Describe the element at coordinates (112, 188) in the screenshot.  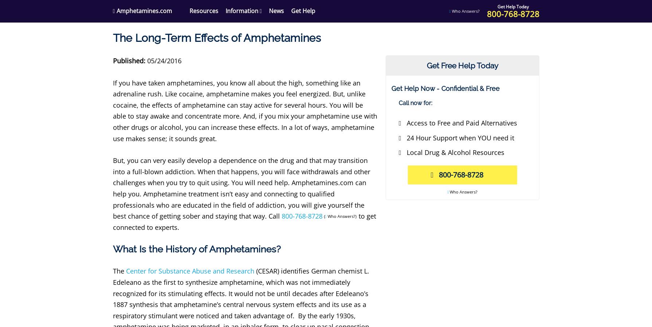
I see `'But, you can very easily develop a dependence on the drug and that may transition into a full-blown addiction. When that happens, you will face withdrawals and other challenges when you try to quit using. You will need help. Amphetamines.com can help you. Amphetamine treatment isn’t easy and connecting to qualified professionals who are educated in the field of addiction, you will give yourself the best chance of getting sober and staying that way. Call'` at that location.